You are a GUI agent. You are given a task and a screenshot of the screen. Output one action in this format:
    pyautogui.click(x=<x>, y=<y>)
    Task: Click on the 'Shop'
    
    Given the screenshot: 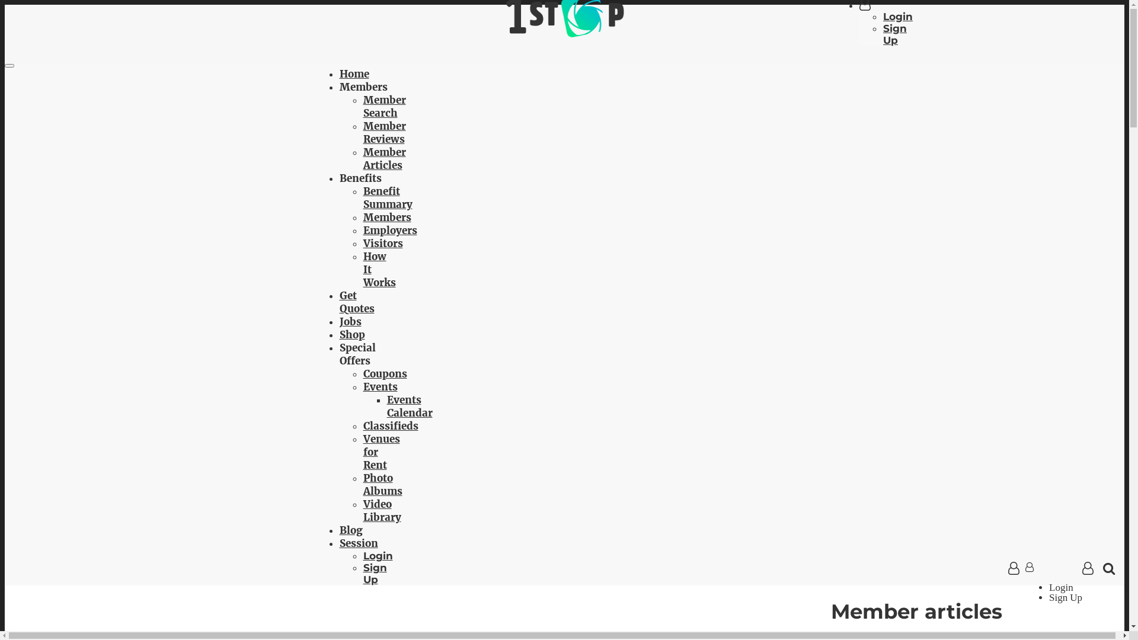 What is the action you would take?
    pyautogui.click(x=351, y=334)
    